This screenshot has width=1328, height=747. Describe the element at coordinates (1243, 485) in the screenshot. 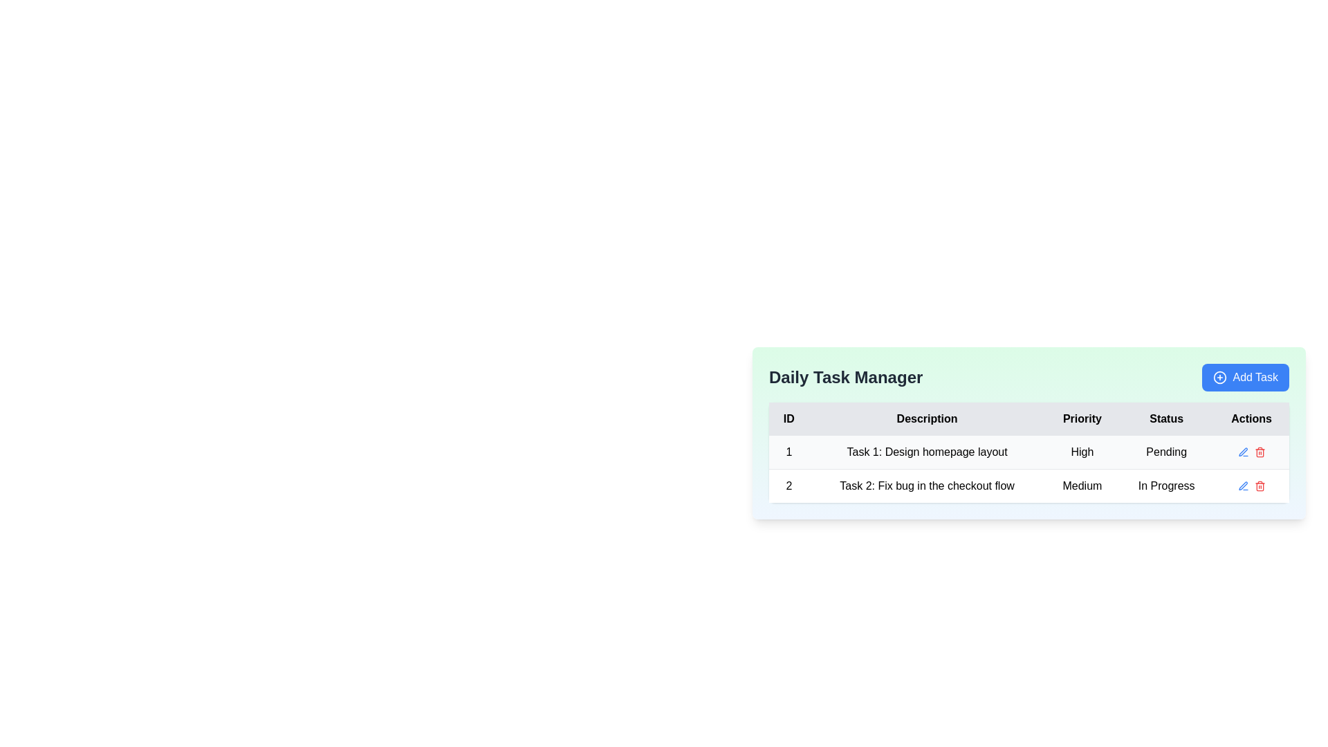

I see `the editing icon button in the second row of the 'Actions' column of the 'Daily Task Manager' table` at that location.